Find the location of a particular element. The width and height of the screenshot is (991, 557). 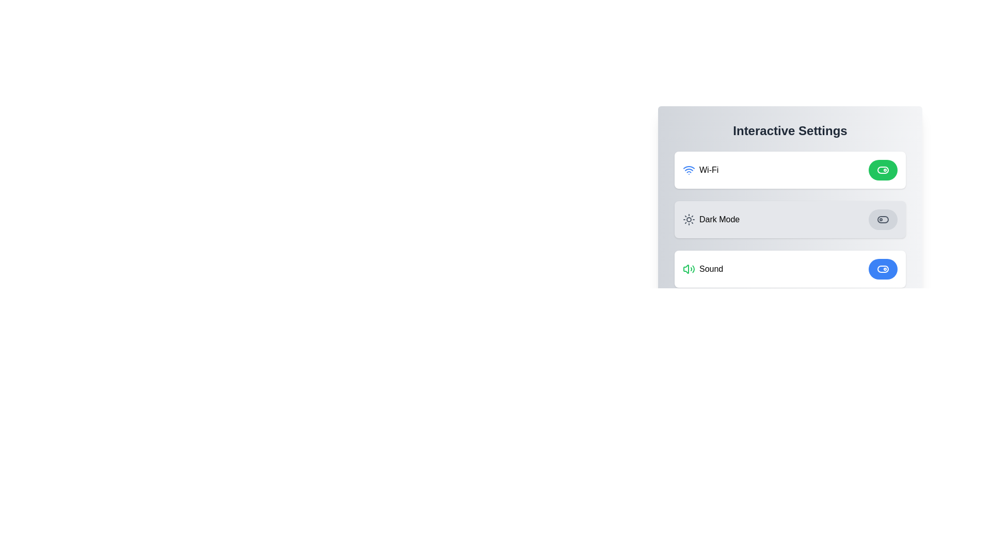

the 'Dark Mode' interactive toggle option in the card interface is located at coordinates (790, 219).